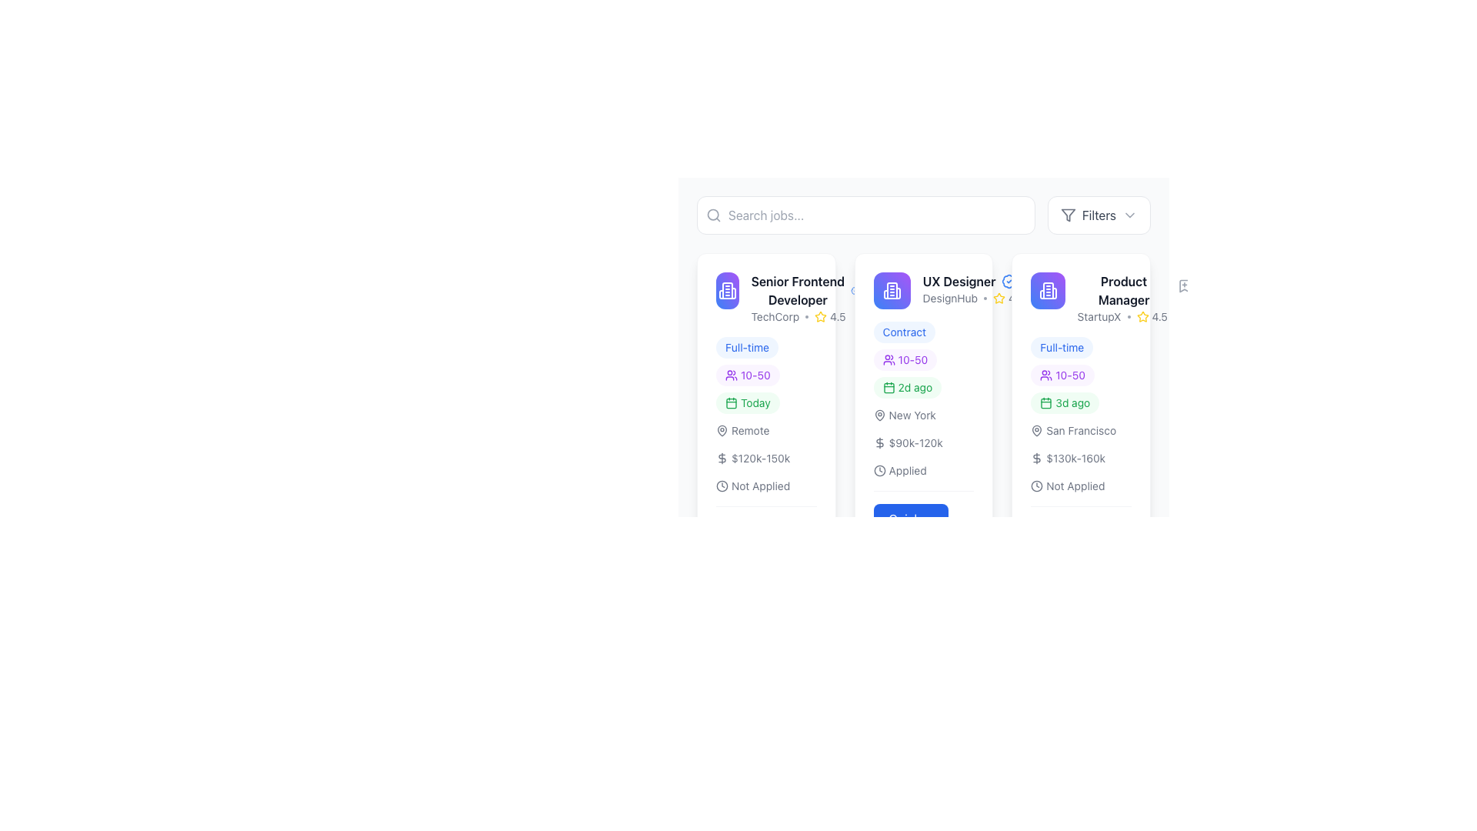 Image resolution: width=1477 pixels, height=831 pixels. I want to click on the static text element that serves as the header information for the job card, which includes the role, company name, and rating, located centrally in the middle card of a horizontal list of job postings, so click(972, 289).